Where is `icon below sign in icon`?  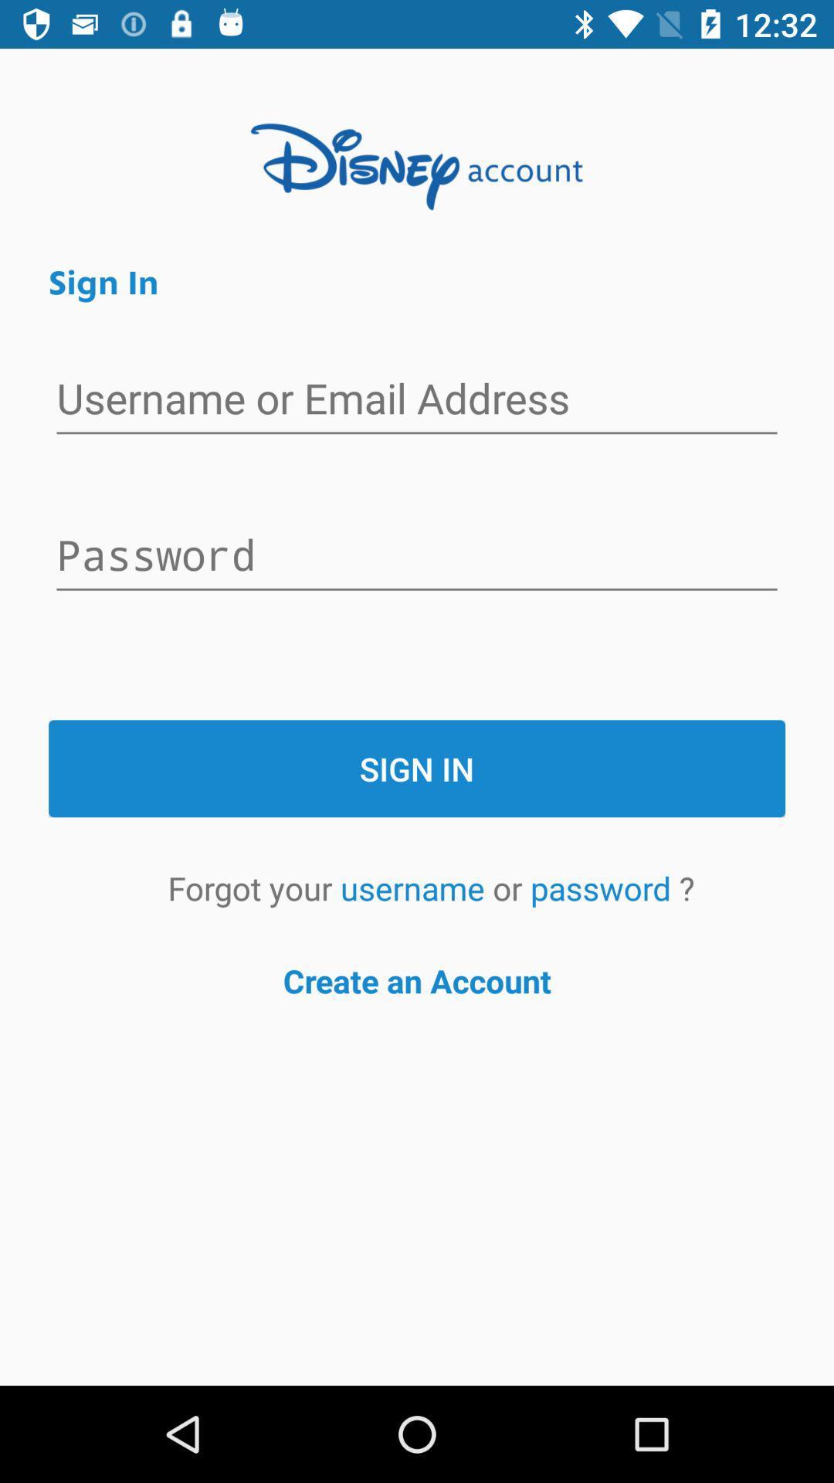 icon below sign in icon is located at coordinates (417, 400).